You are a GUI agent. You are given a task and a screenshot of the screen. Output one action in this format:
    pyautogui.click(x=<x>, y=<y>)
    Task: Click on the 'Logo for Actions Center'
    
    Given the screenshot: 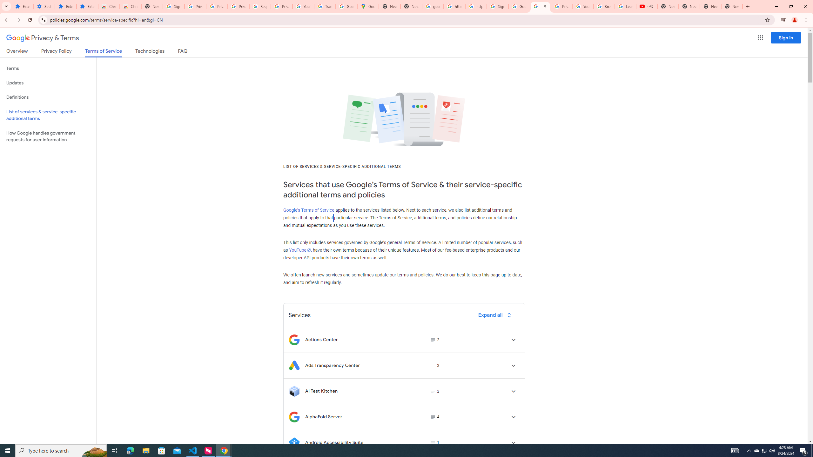 What is the action you would take?
    pyautogui.click(x=294, y=339)
    